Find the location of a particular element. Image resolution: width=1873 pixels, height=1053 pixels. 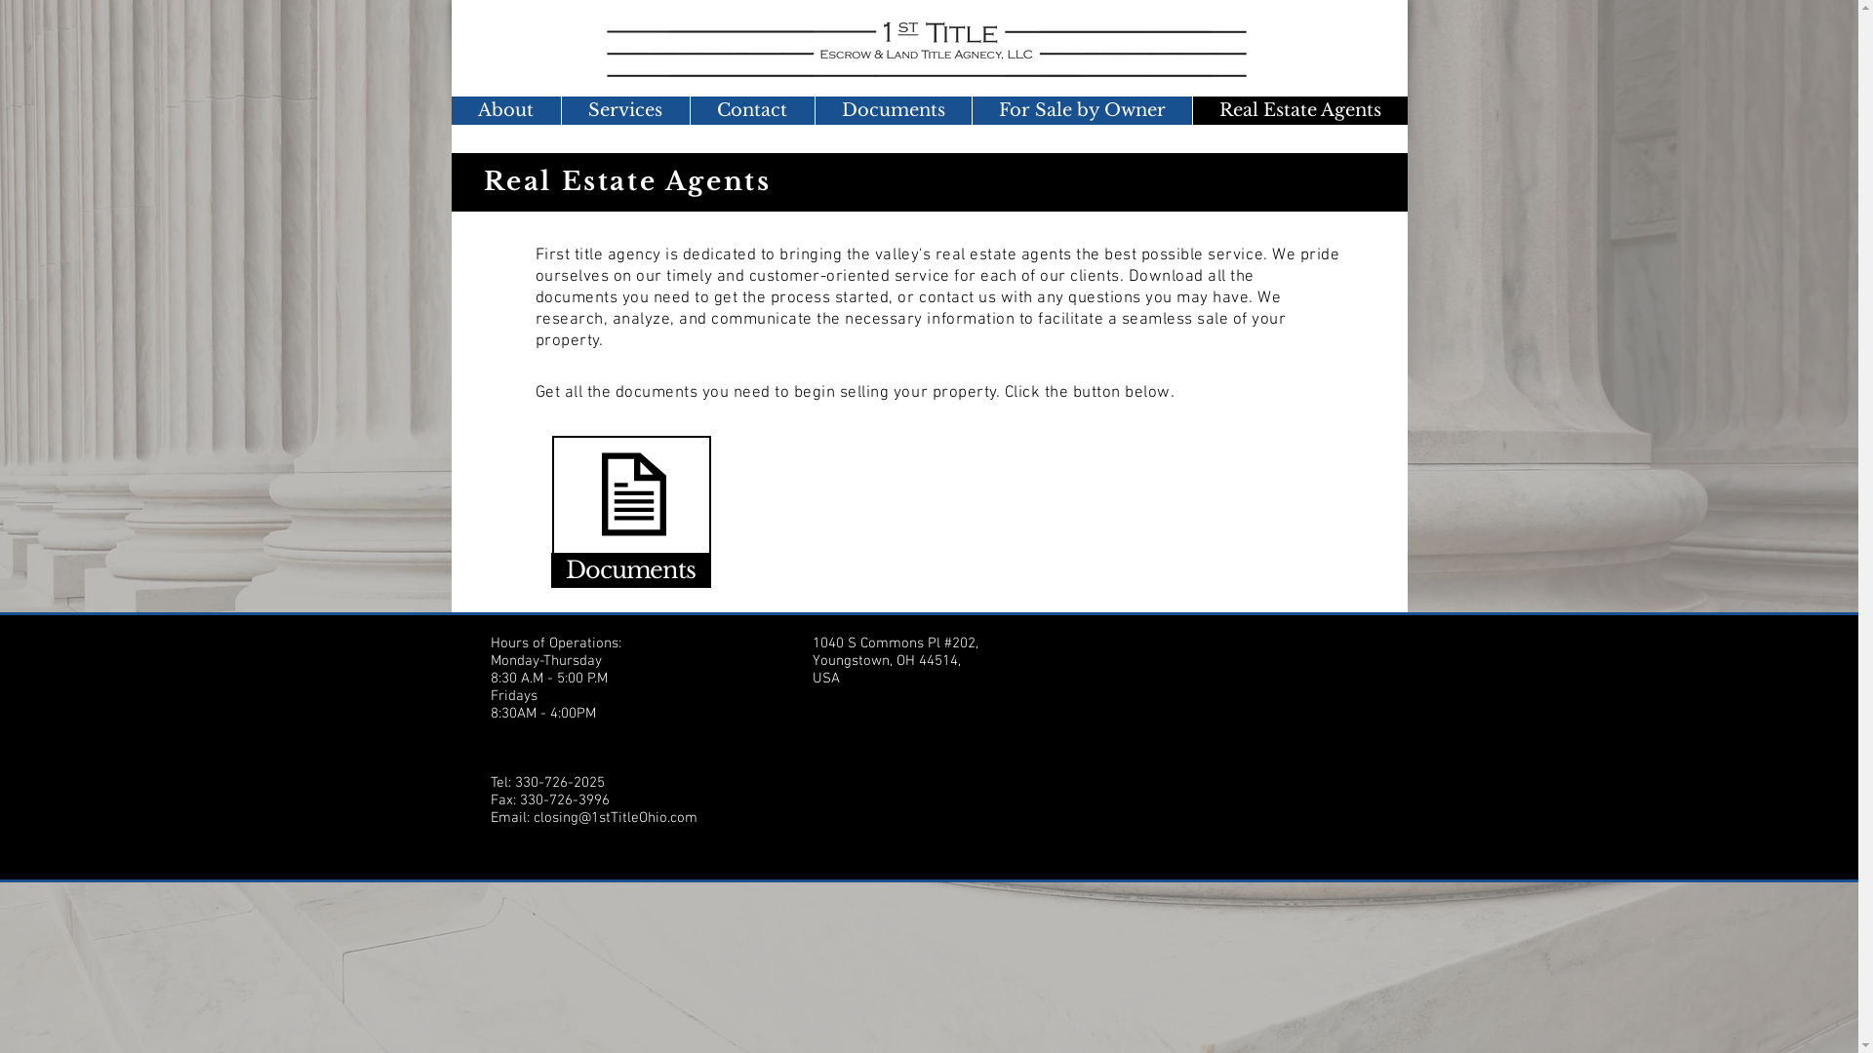

'330-726-2025' is located at coordinates (559, 781).